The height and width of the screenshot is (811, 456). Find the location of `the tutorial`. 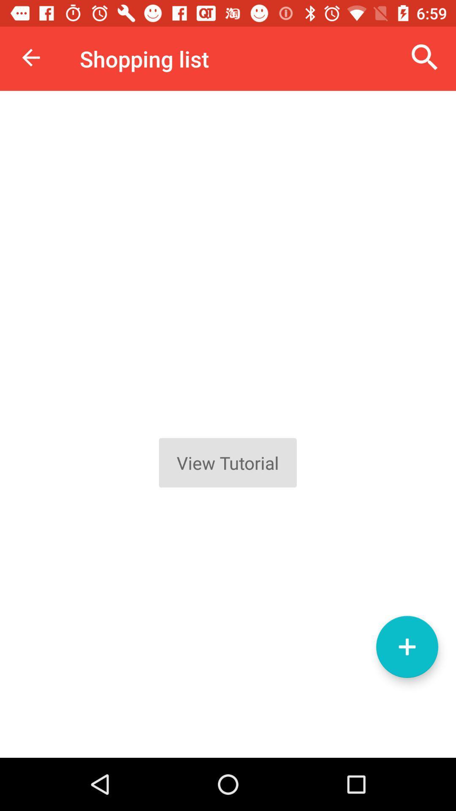

the tutorial is located at coordinates (228, 424).